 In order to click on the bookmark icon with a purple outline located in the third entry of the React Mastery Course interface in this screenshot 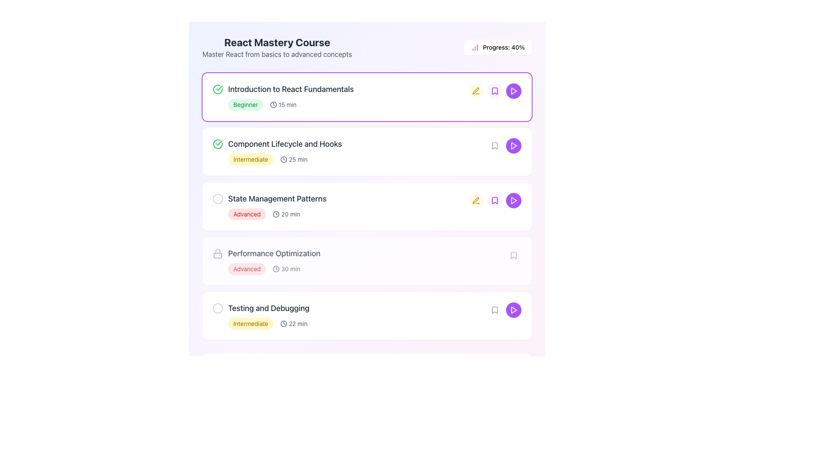, I will do `click(495, 201)`.